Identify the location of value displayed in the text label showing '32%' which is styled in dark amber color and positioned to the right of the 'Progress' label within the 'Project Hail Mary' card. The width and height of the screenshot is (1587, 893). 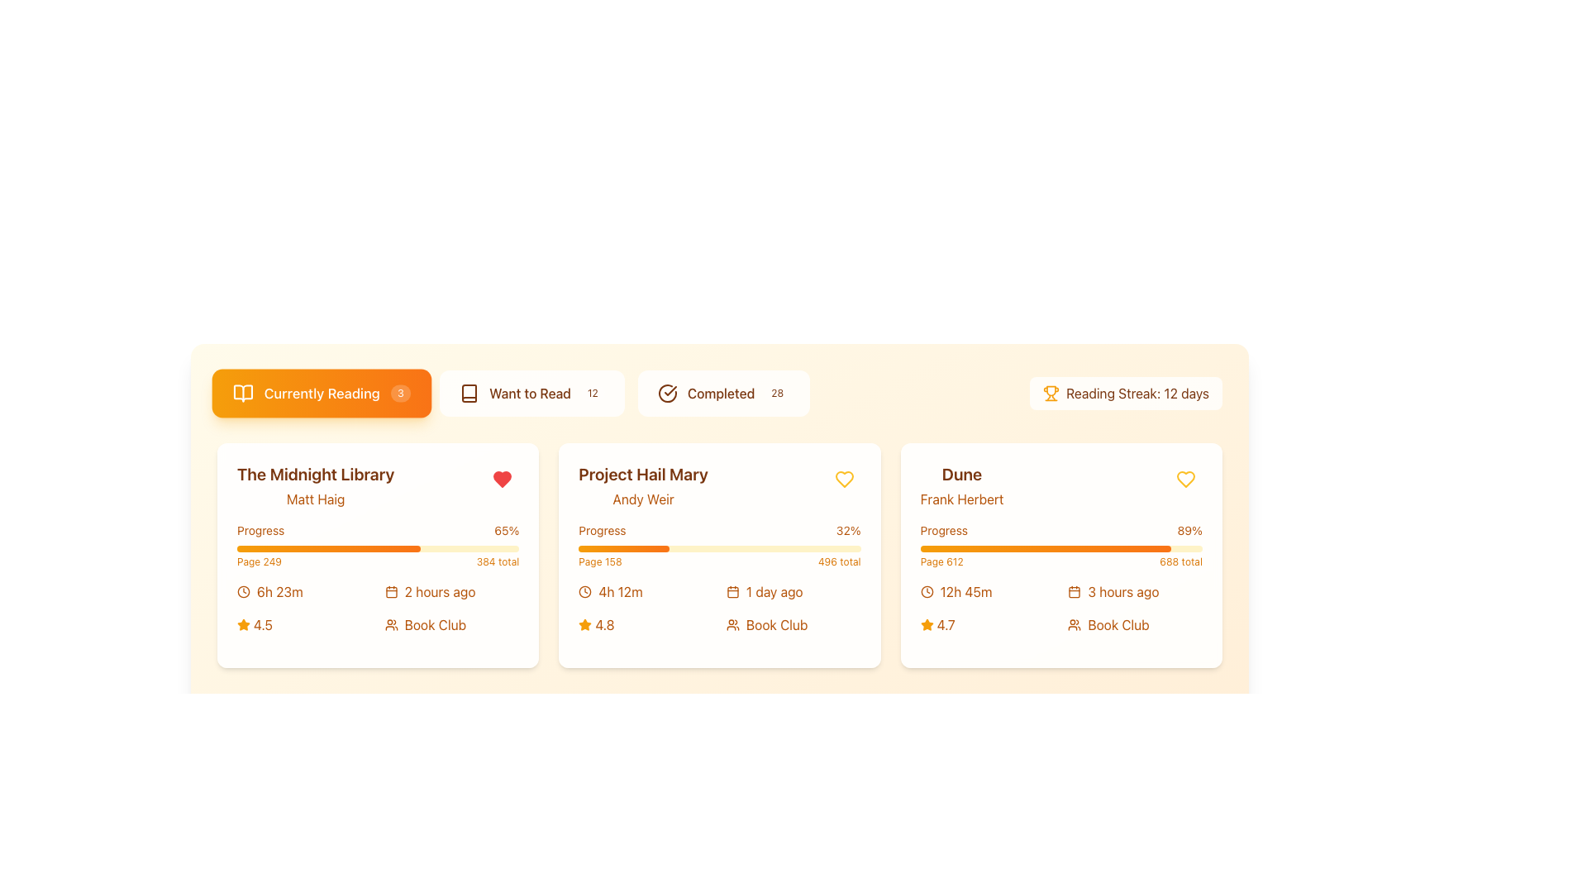
(848, 530).